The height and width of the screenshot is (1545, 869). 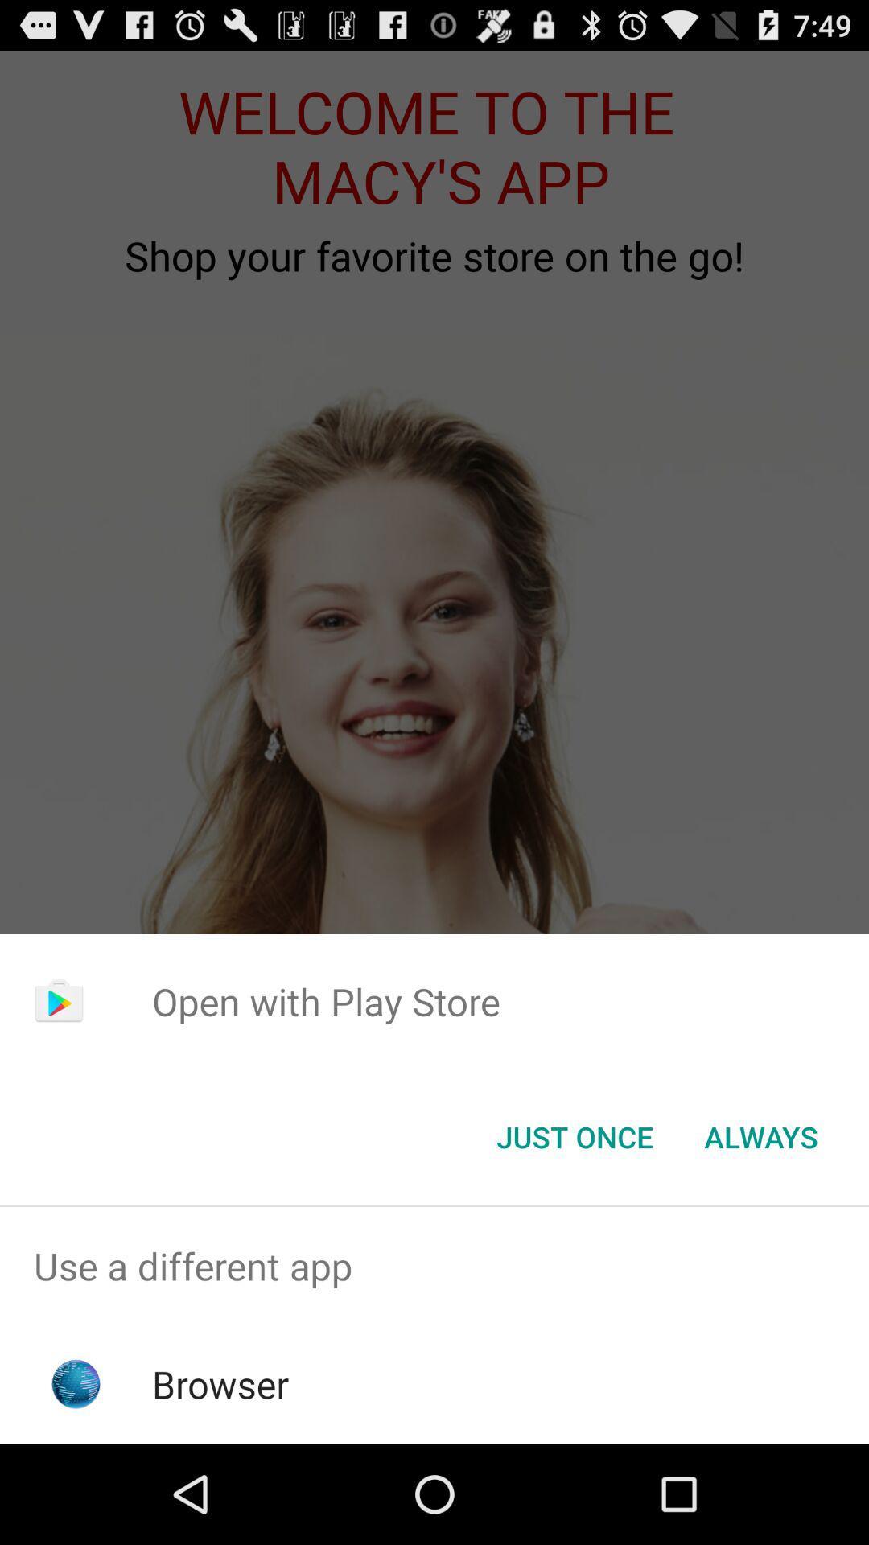 What do you see at coordinates (434, 1265) in the screenshot?
I see `the item above the browser item` at bounding box center [434, 1265].